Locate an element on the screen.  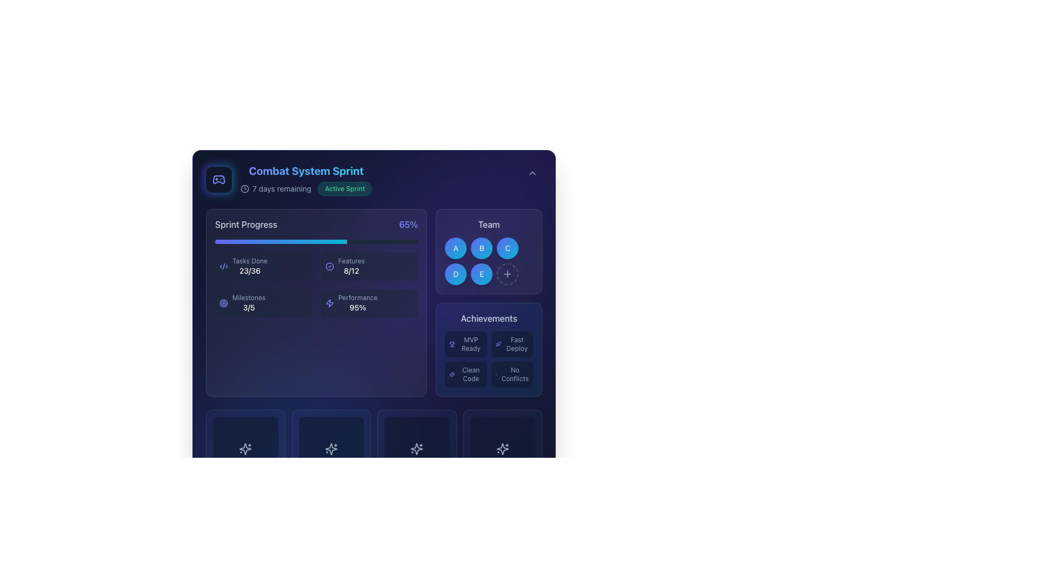
the circular clock icon located near the top-left portion of the interface, adjacent to the 'Combat System Sprint' text and the status bar is located at coordinates (244, 188).